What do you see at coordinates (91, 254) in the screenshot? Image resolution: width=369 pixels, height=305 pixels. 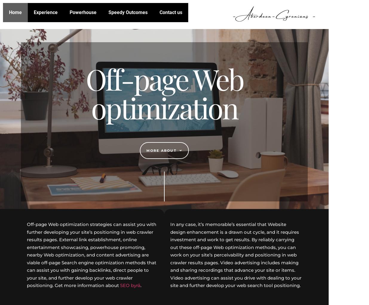 I see `'Off-page Web optimization strategies can assist you with further developing your site’s positioning in web crawler results pages. External link establishment, online entertainment showcasing, powerhouse promoting, nearby Web optimization, and content advertising are viable off-page Search engine optimization methods that can assist you with gaining backlinks, direct people to your site, and further develop your web crawler positioning. Get more information about'` at bounding box center [91, 254].